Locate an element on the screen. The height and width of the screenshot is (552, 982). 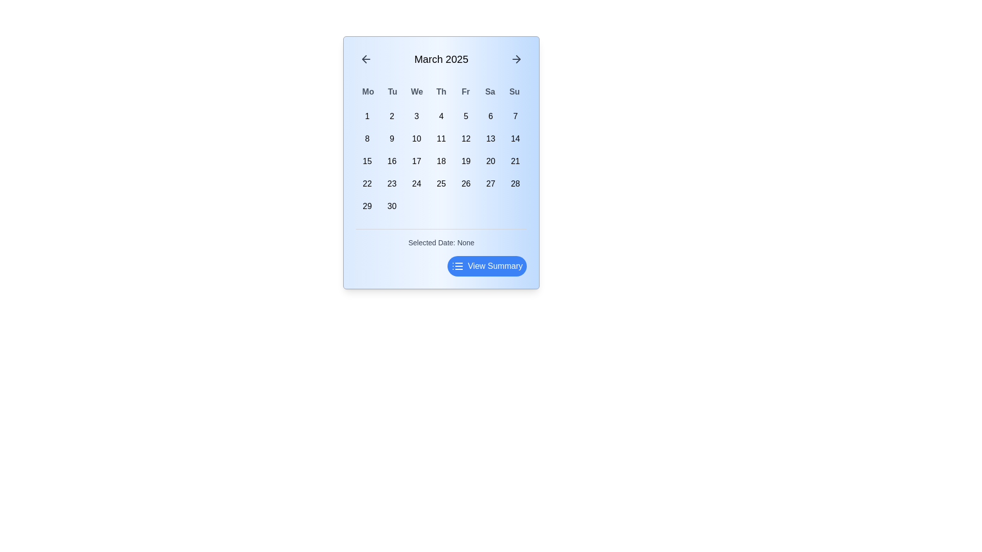
the button representing the date '13' in the calendar for March 2025 is located at coordinates (490, 139).